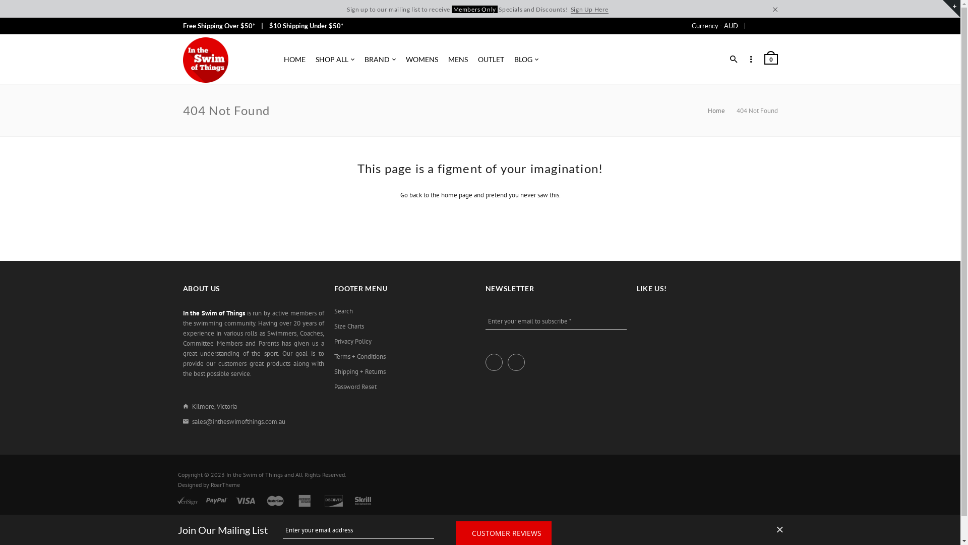 Image resolution: width=968 pixels, height=545 pixels. Describe the element at coordinates (379, 60) in the screenshot. I see `'BRAND'` at that location.